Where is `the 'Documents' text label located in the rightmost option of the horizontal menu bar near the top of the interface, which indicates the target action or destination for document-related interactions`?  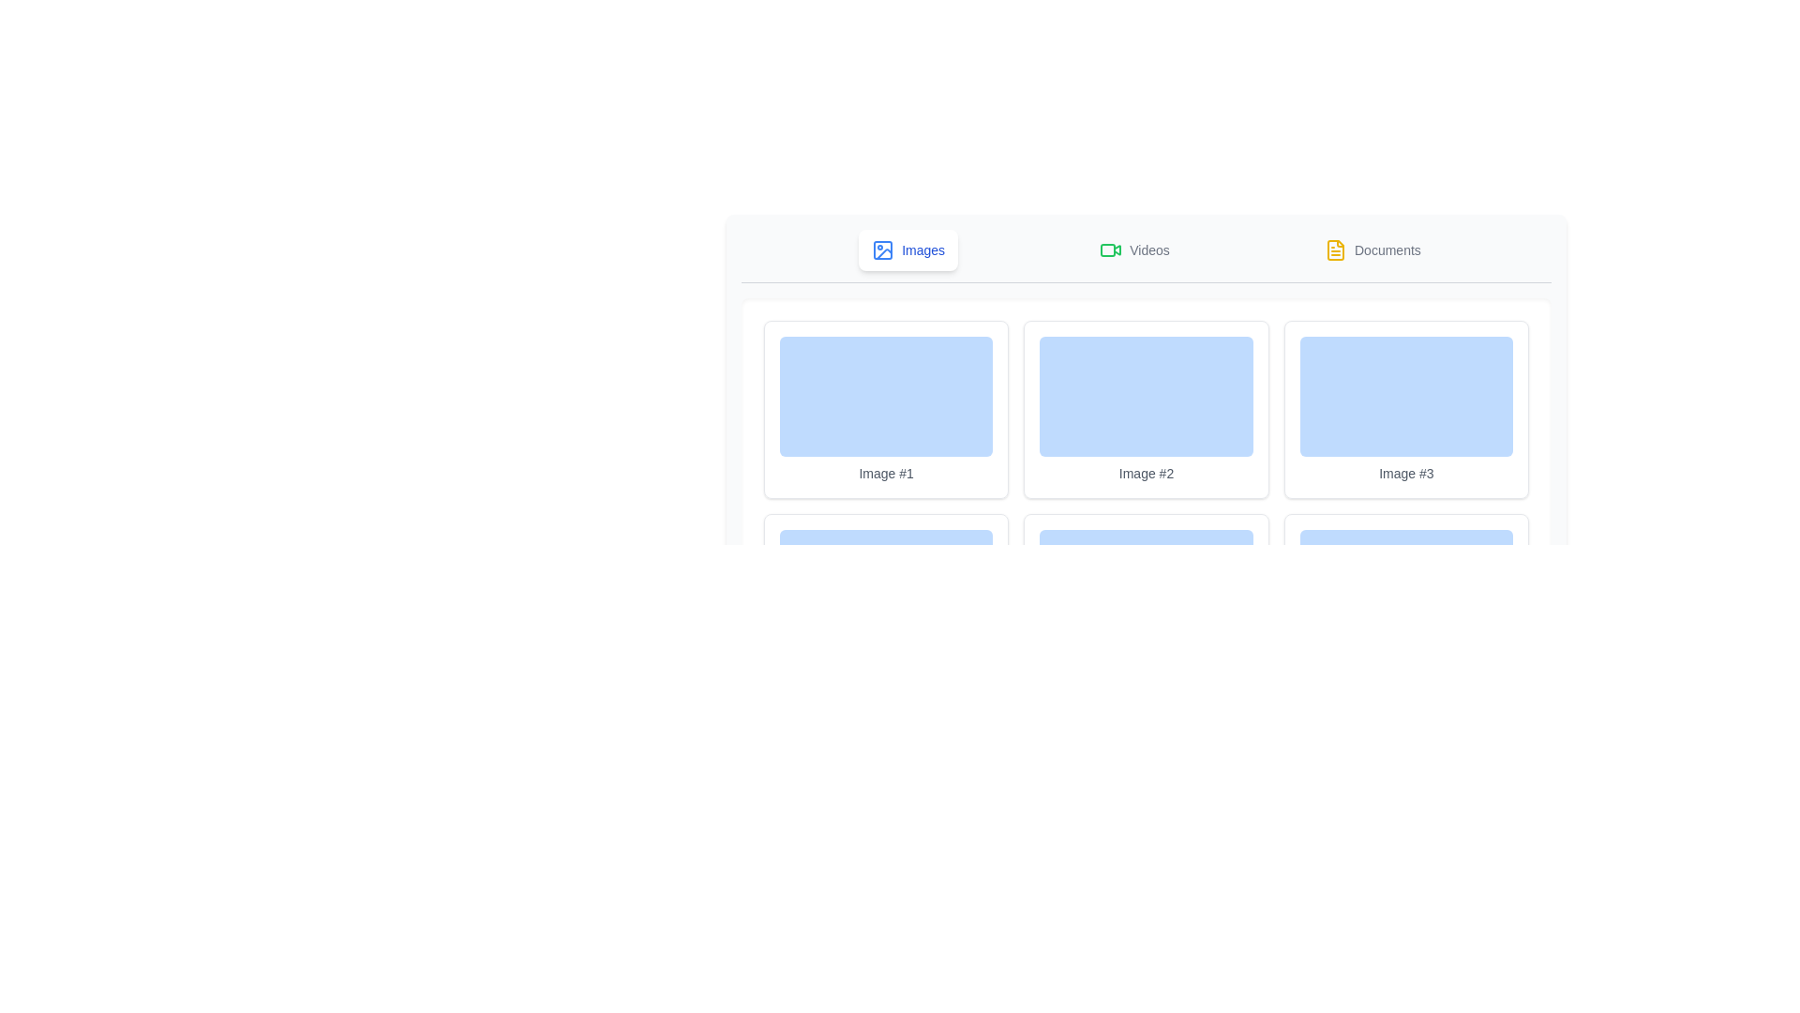 the 'Documents' text label located in the rightmost option of the horizontal menu bar near the top of the interface, which indicates the target action or destination for document-related interactions is located at coordinates (1387, 249).